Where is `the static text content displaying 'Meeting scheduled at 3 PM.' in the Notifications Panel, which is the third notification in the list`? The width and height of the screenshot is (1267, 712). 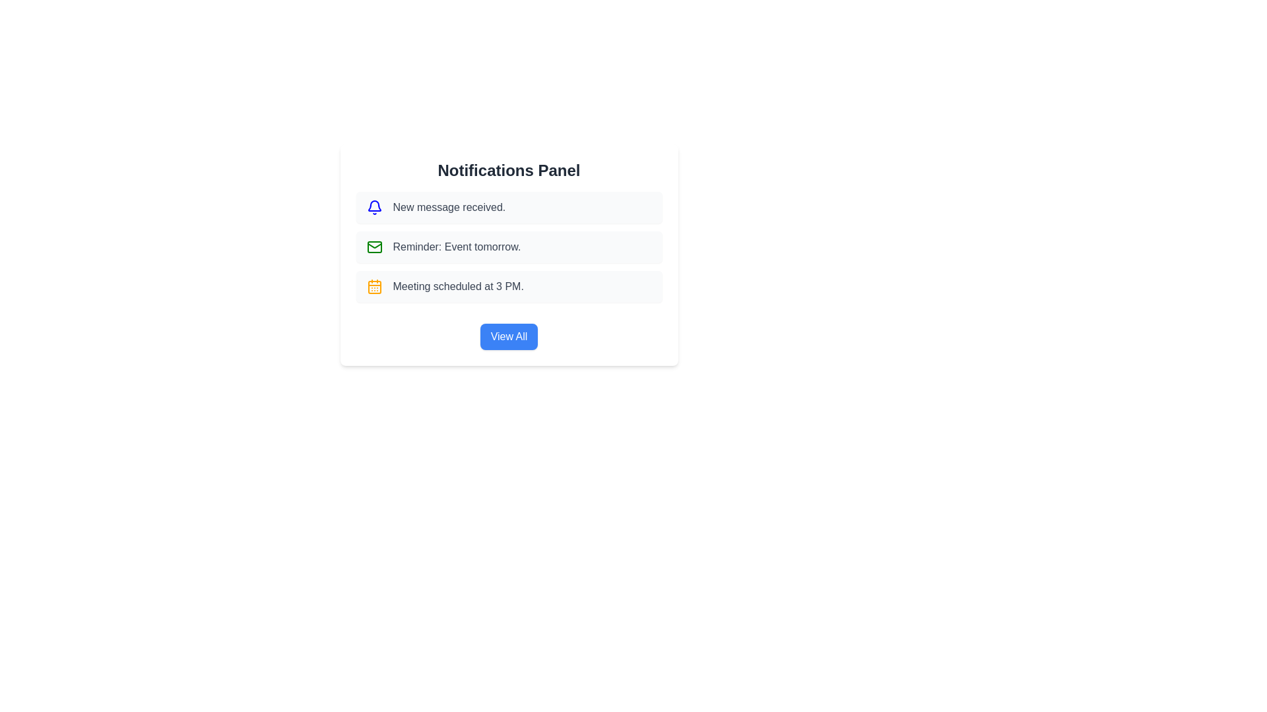
the static text content displaying 'Meeting scheduled at 3 PM.' in the Notifications Panel, which is the third notification in the list is located at coordinates (458, 286).